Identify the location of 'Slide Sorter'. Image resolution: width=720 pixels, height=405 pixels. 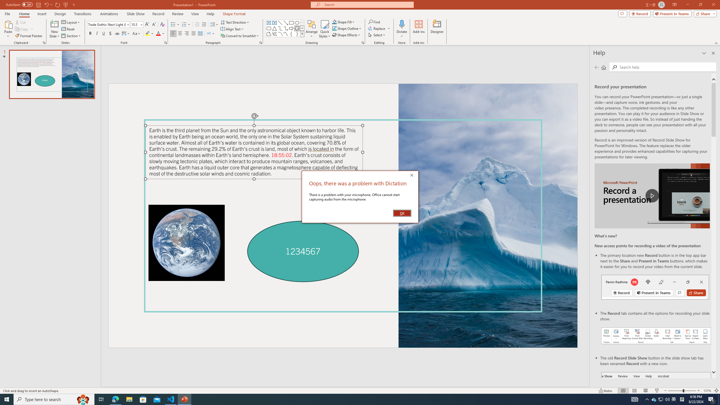
(634, 391).